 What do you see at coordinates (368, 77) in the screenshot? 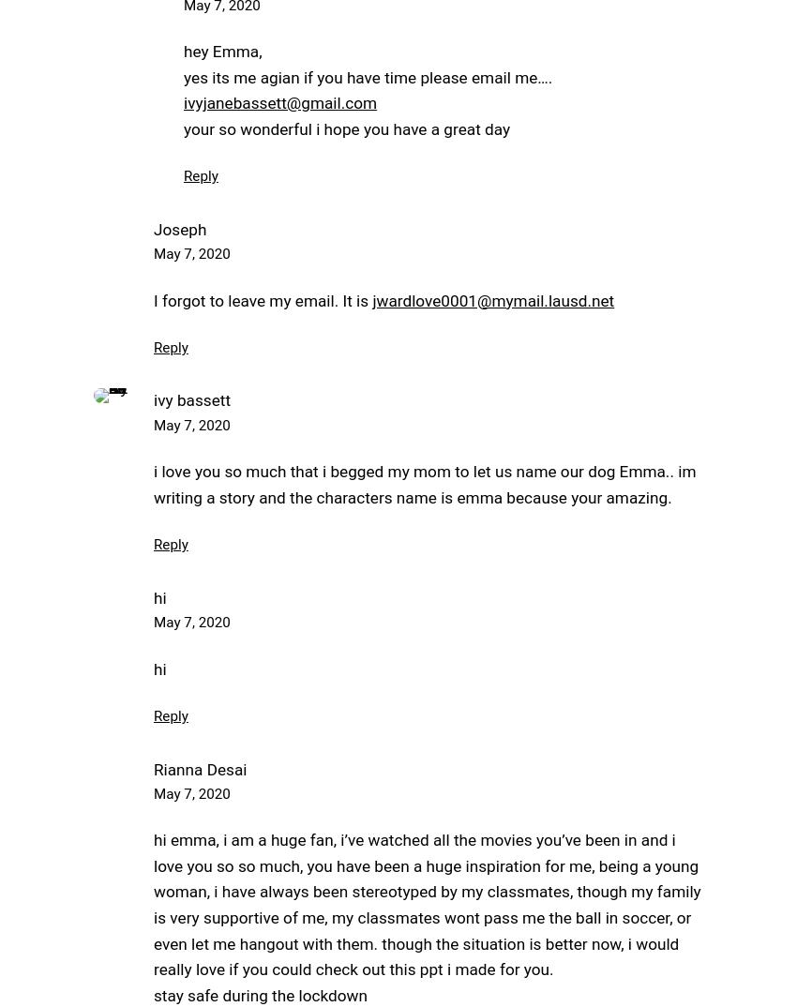
I see `'yes its me agian if you have time please email me….'` at bounding box center [368, 77].